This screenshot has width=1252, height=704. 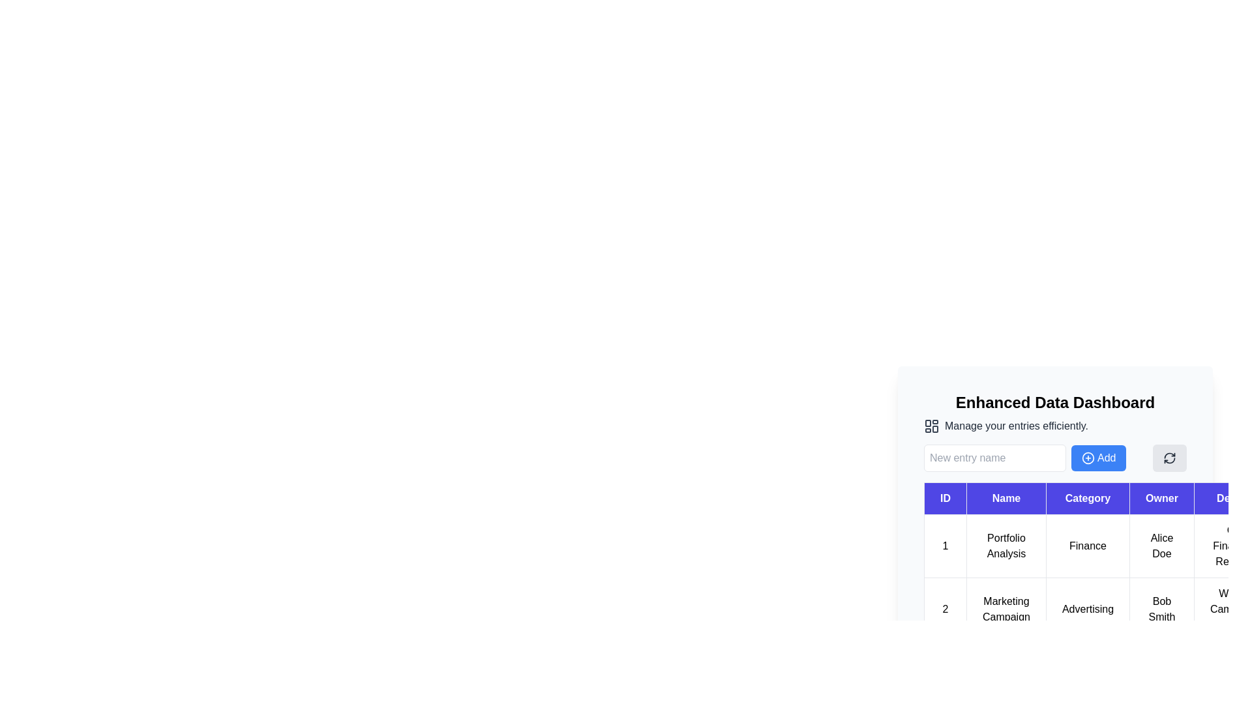 What do you see at coordinates (945, 498) in the screenshot?
I see `the 'ID' column header cell in the table, which is located at the beginning of the header row and to the left of the 'Name' header` at bounding box center [945, 498].